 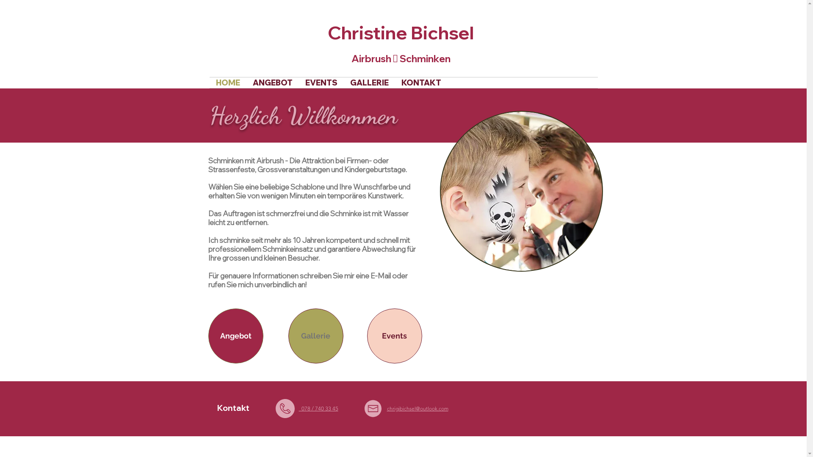 What do you see at coordinates (420, 83) in the screenshot?
I see `'KONTAKT'` at bounding box center [420, 83].